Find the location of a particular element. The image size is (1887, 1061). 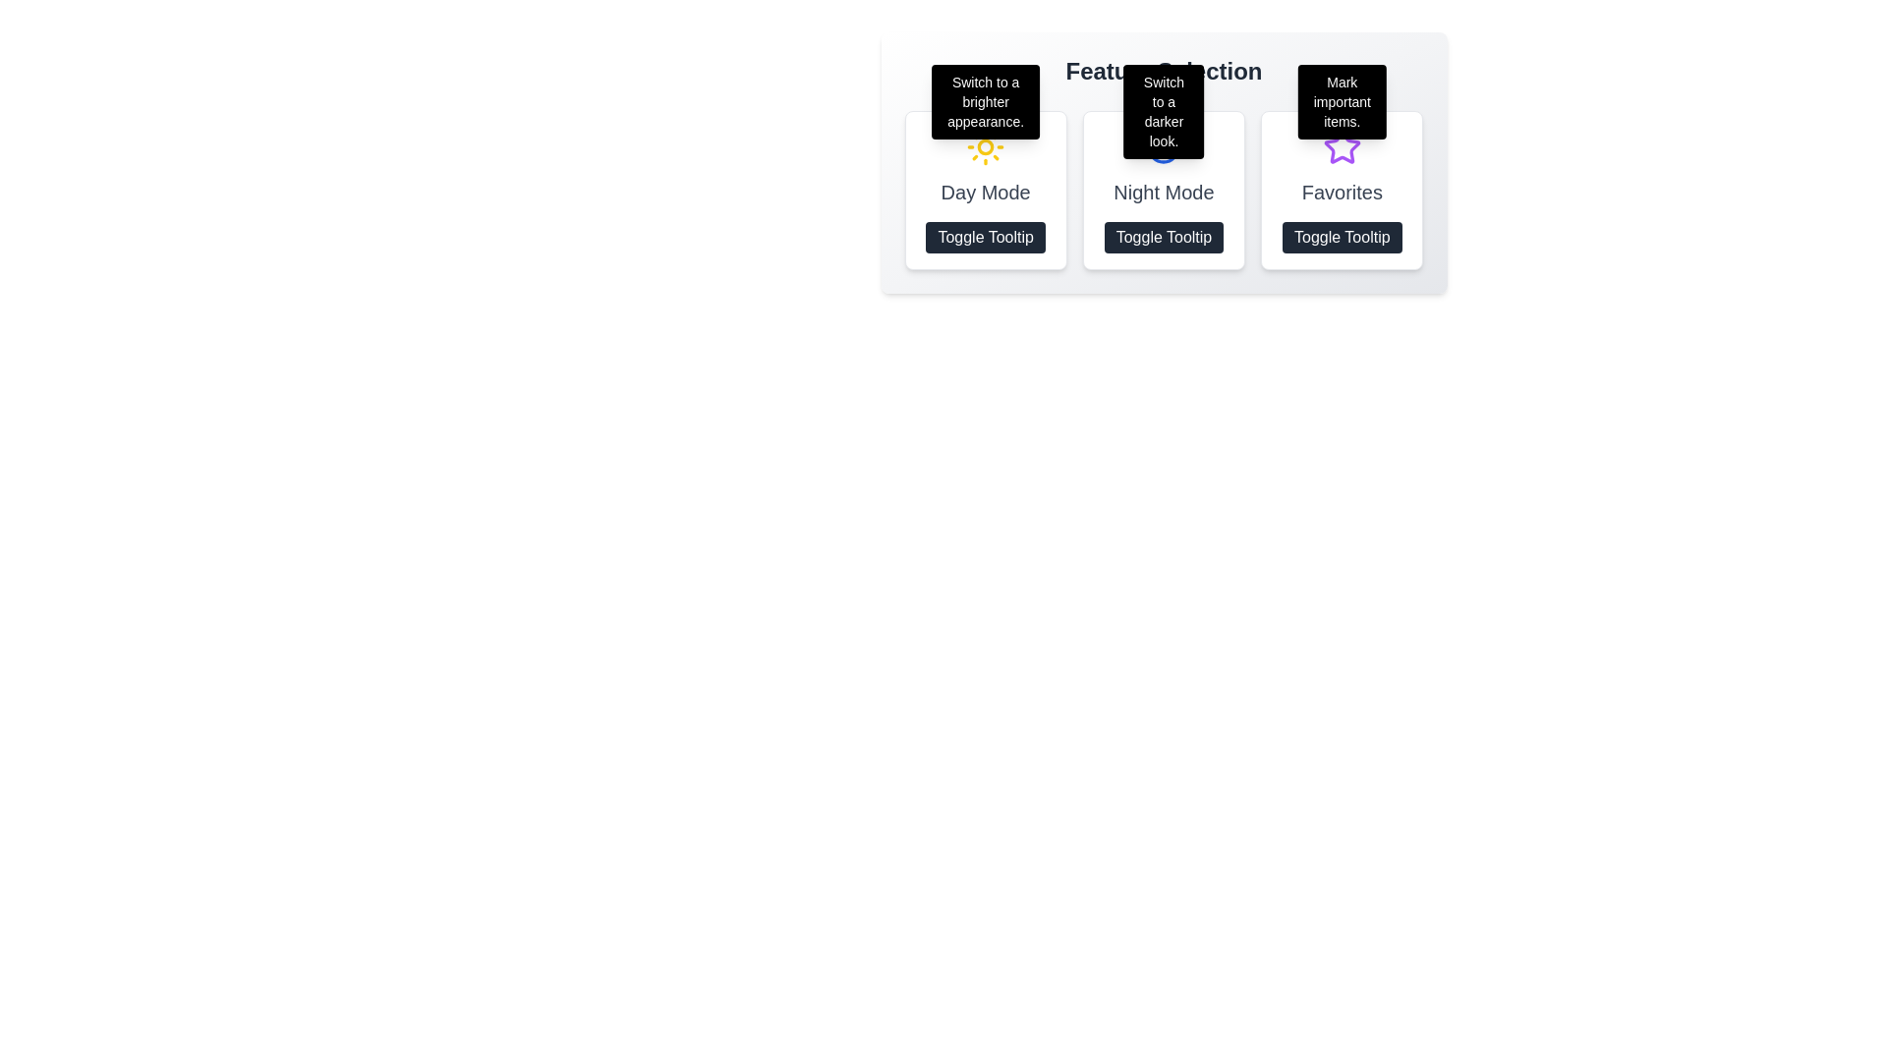

the Tooltip that provides additional information about the 'Favorites' widget, which is positioned above the 'Favorites' label and icon is located at coordinates (1341, 102).